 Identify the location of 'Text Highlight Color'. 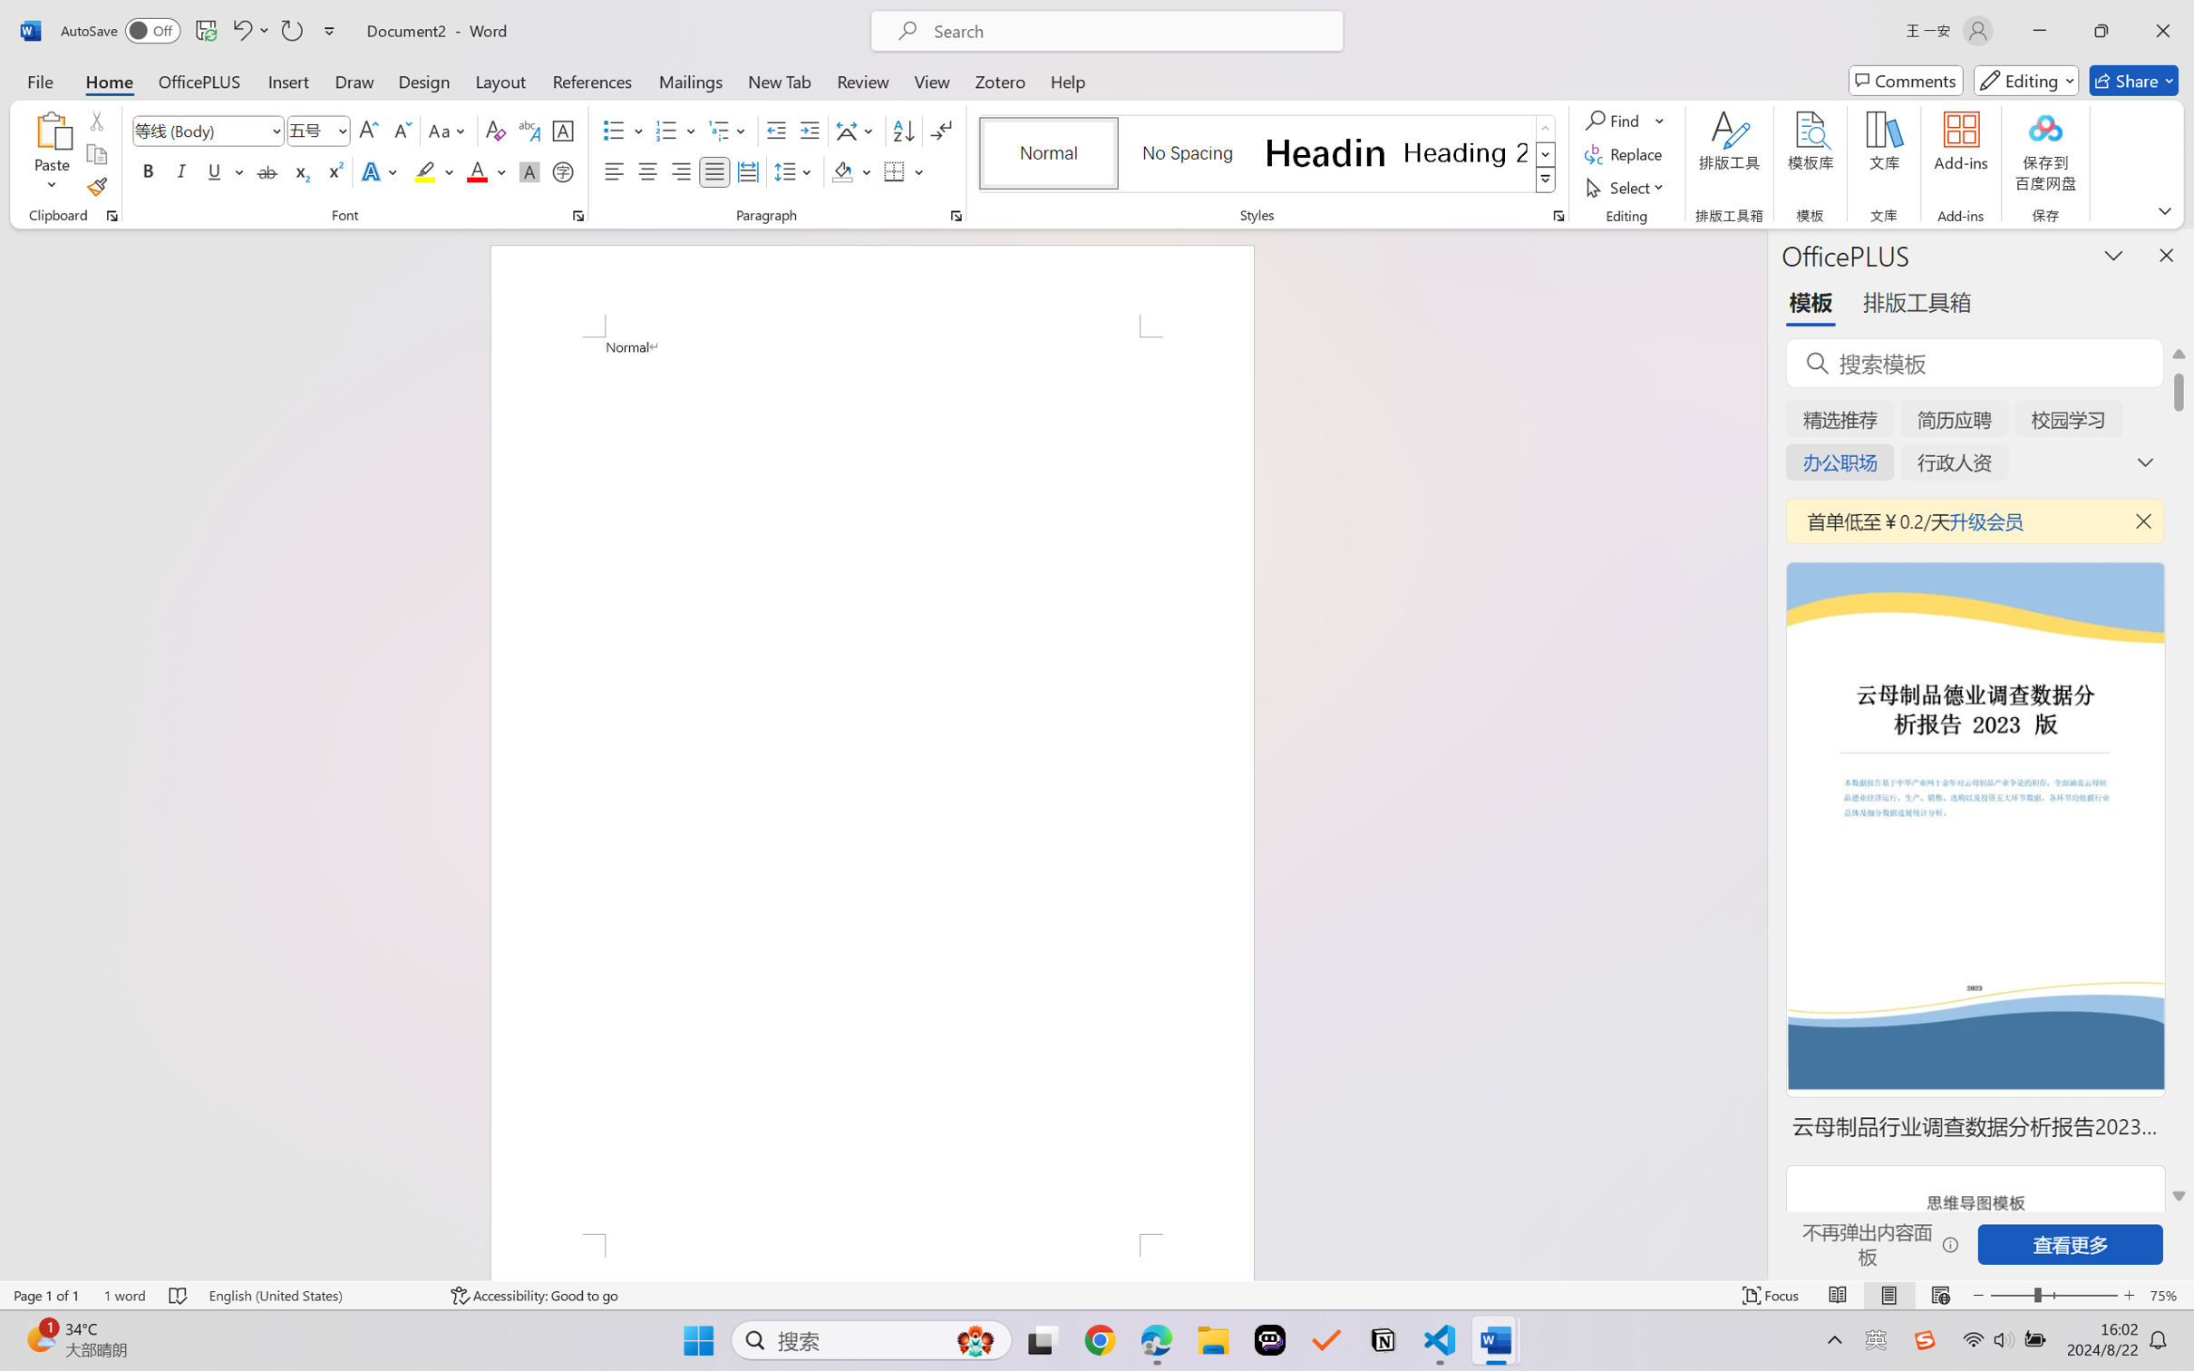
(432, 170).